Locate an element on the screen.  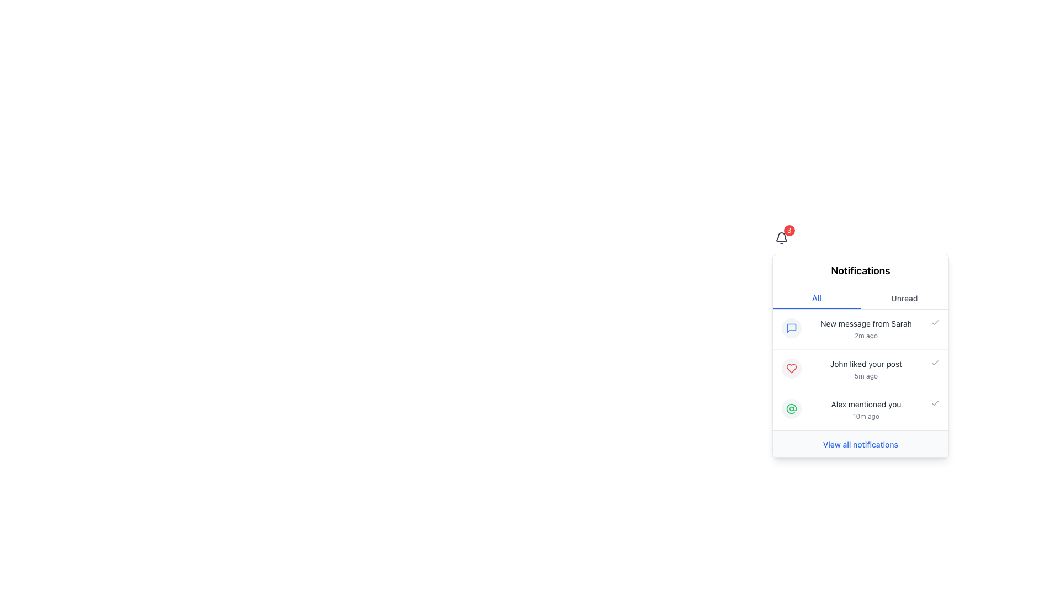
notification text 'Alex mentioned you' from the notification item, which is the third entry in the notifications dropdown is located at coordinates (860, 410).